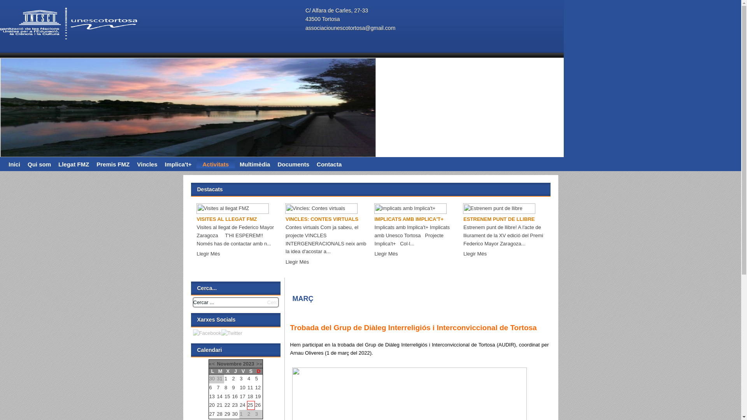  I want to click on 'ESTRENEM PUNT DE LLIBRE', so click(499, 219).